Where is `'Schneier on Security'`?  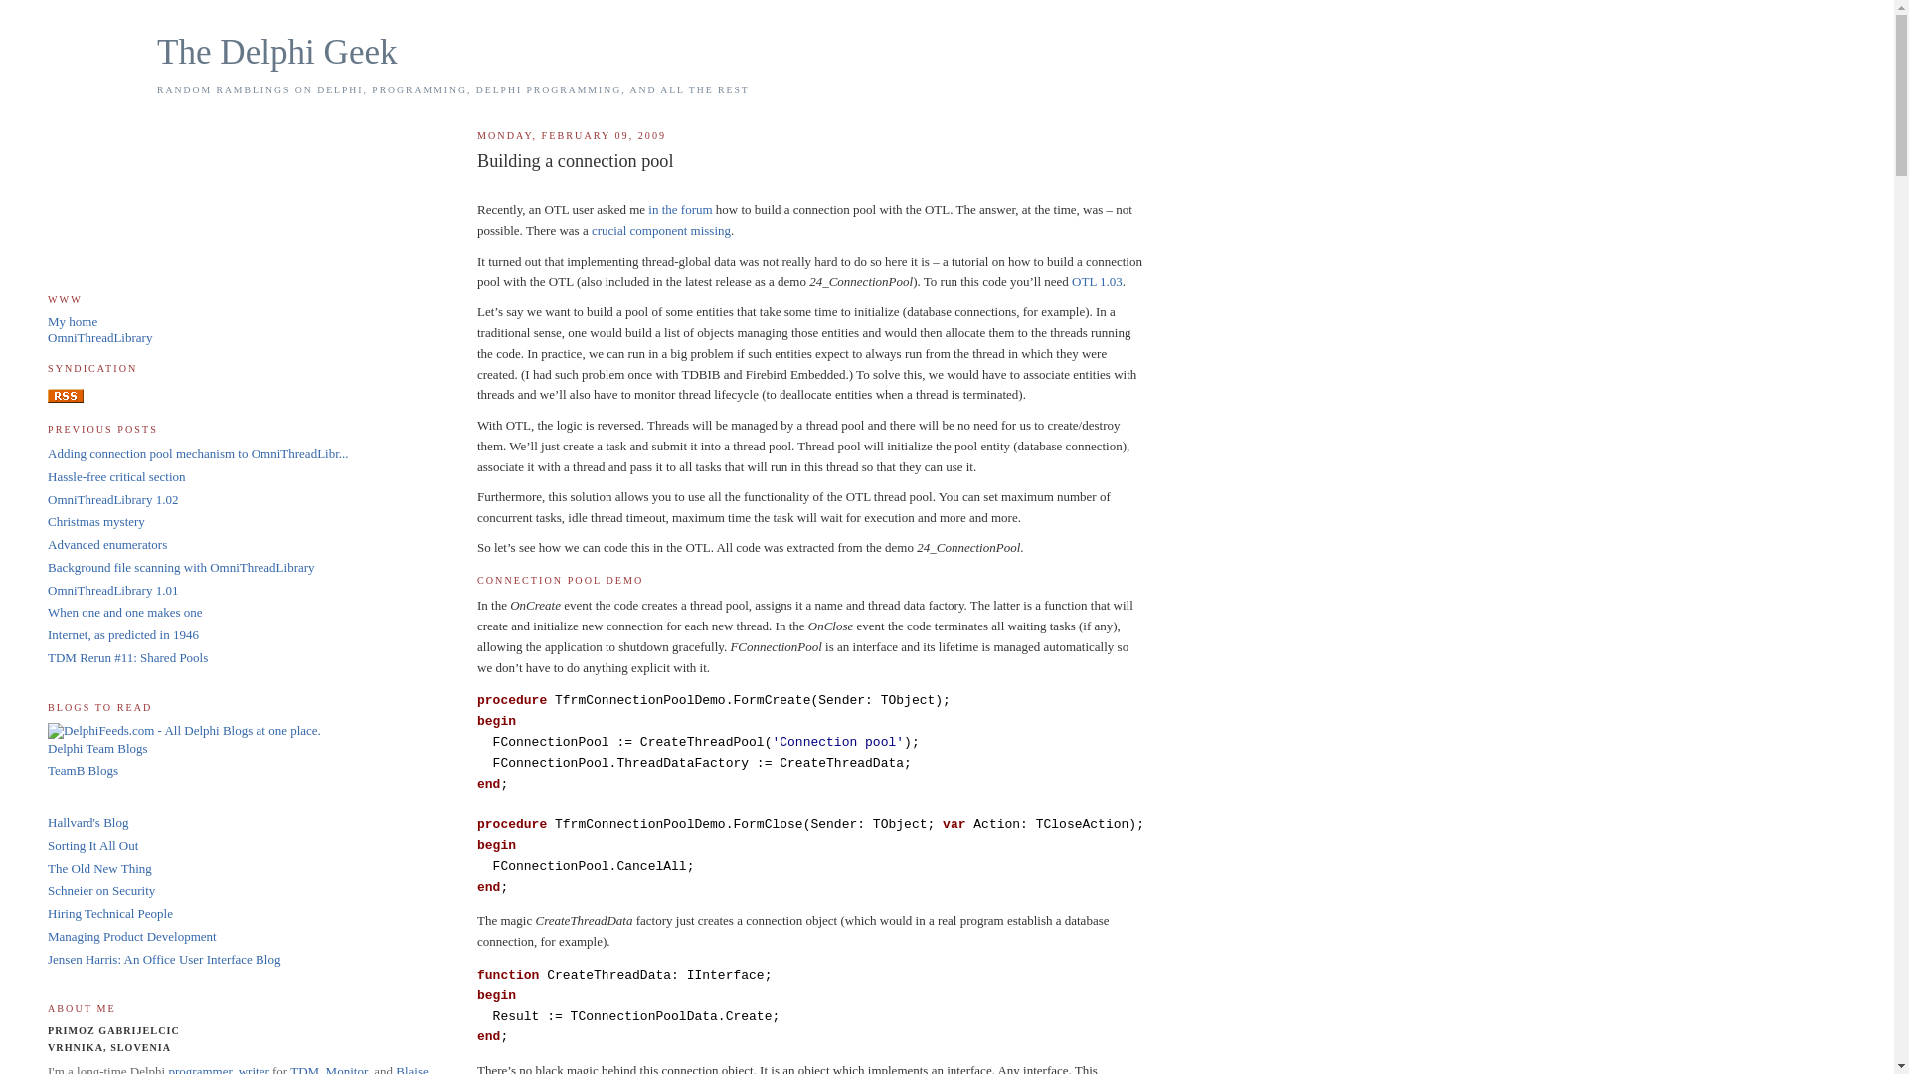
'Schneier on Security' is located at coordinates (99, 889).